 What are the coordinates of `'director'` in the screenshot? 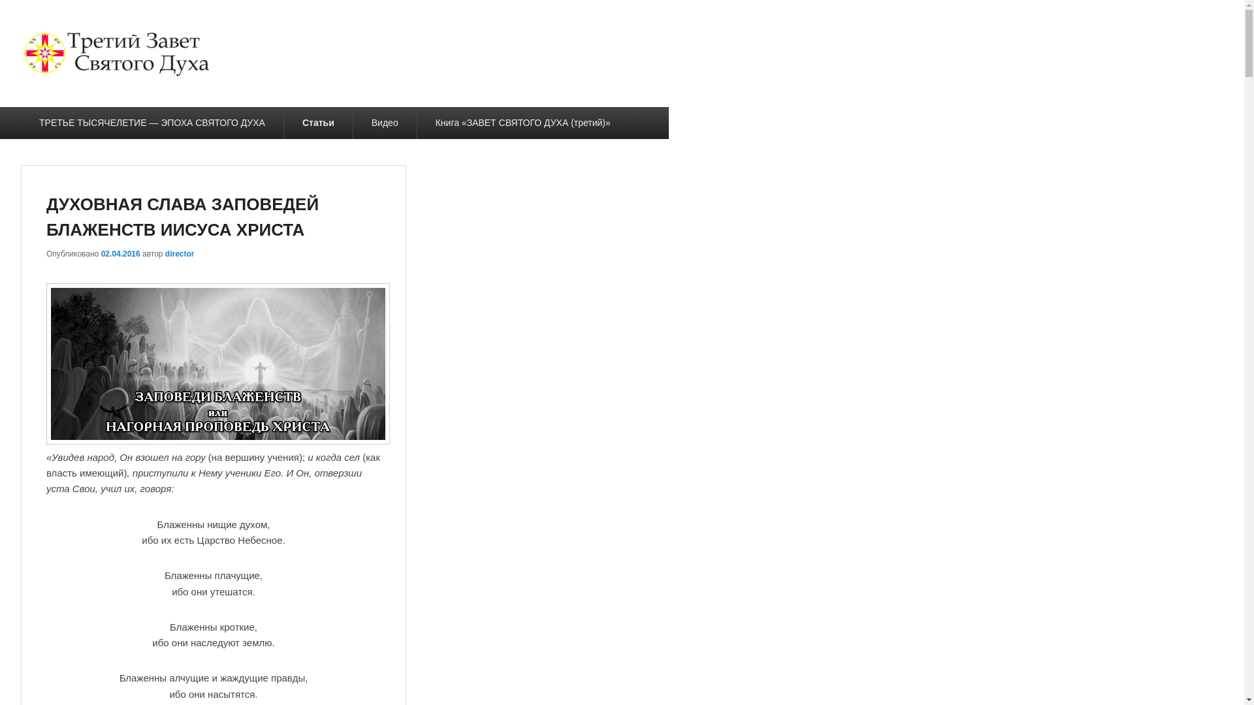 It's located at (179, 254).